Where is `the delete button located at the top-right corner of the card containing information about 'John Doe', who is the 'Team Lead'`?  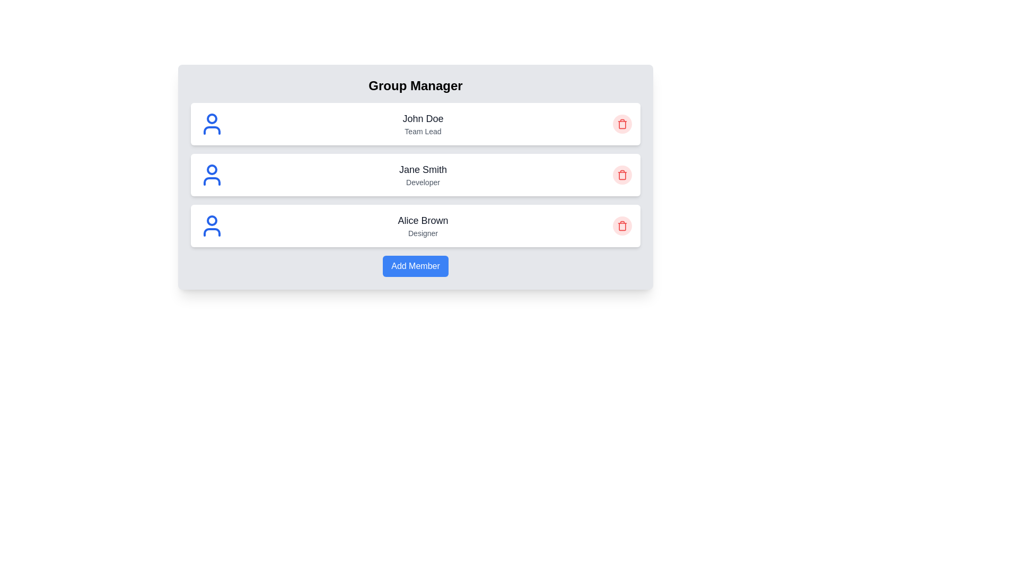
the delete button located at the top-right corner of the card containing information about 'John Doe', who is the 'Team Lead' is located at coordinates (622, 124).